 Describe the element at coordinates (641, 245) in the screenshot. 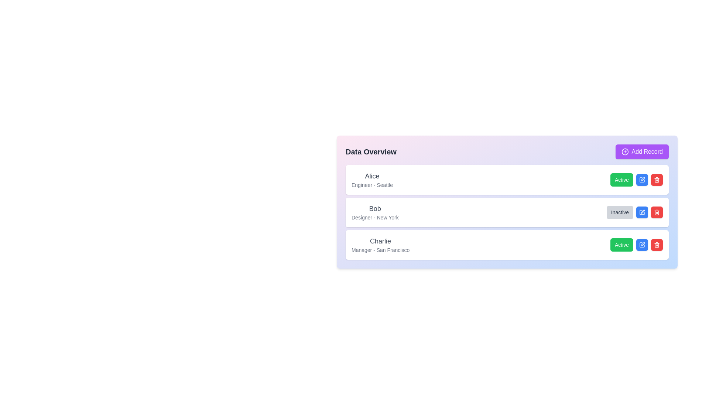

I see `the SVG icon component that resembles a square outline with rounded edges, located adjacent to the 'Active' status button and vertically aligned with the 'Edit' button` at that location.